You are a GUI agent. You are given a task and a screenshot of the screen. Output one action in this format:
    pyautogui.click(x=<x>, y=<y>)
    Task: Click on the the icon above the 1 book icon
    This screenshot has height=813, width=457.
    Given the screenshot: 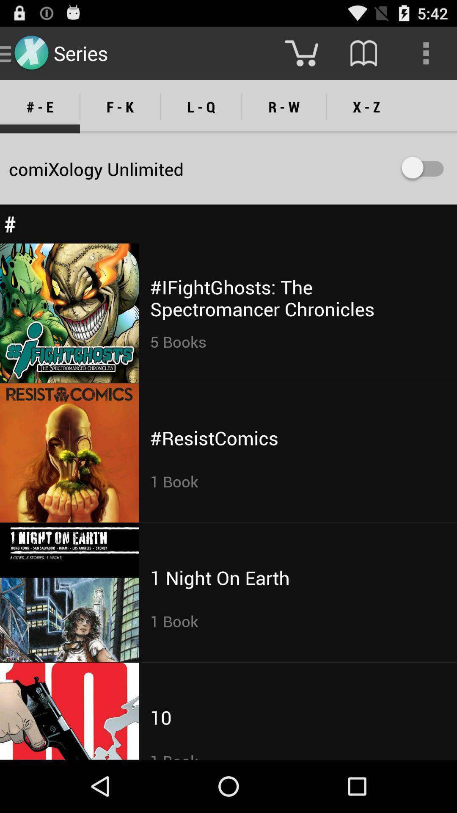 What is the action you would take?
    pyautogui.click(x=161, y=717)
    